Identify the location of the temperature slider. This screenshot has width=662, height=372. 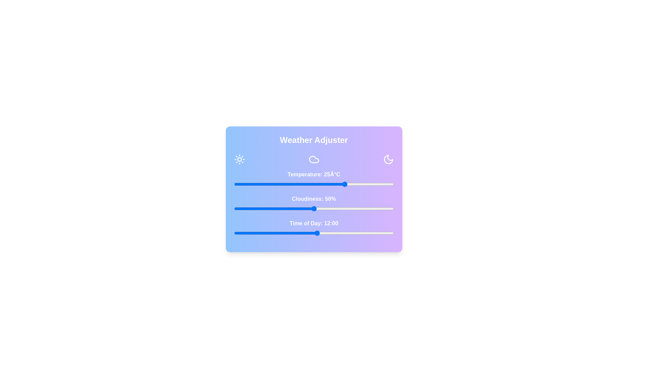
(307, 184).